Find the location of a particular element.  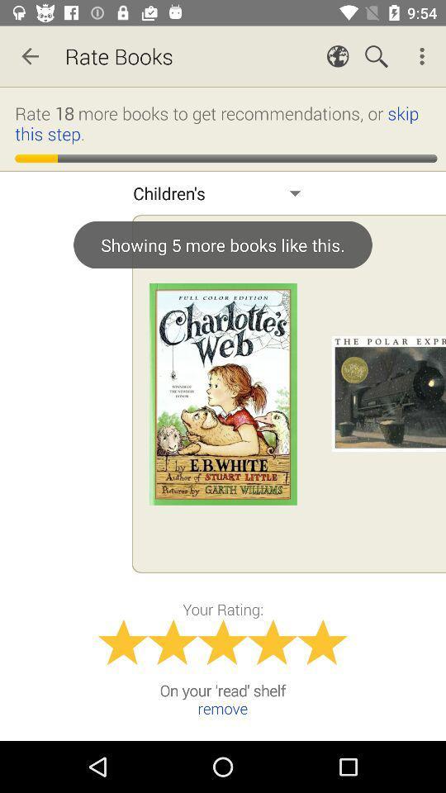

the two lines text below rate books is located at coordinates (225, 122).